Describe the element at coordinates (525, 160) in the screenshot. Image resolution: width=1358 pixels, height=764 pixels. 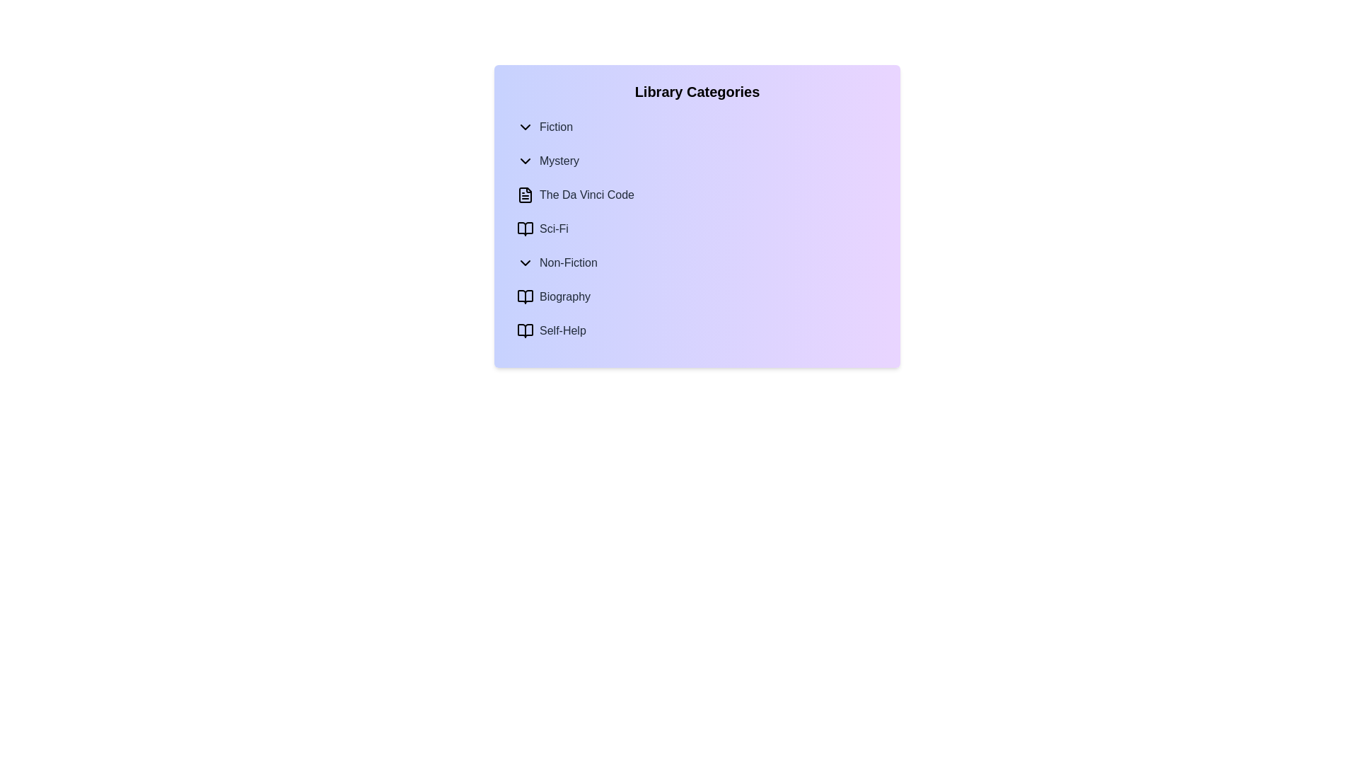
I see `the expandable/collapsible icon for the 'Mystery' category, which is located just to the left of the 'Mystery' label` at that location.